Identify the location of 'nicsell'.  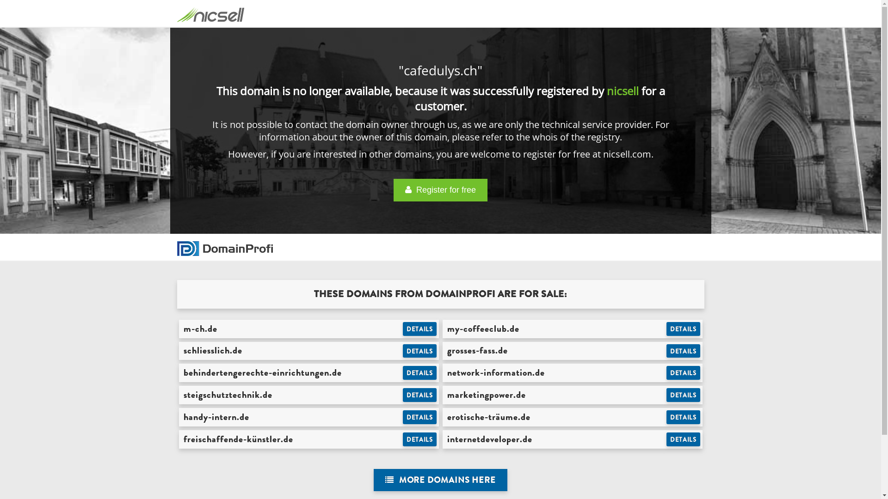
(623, 91).